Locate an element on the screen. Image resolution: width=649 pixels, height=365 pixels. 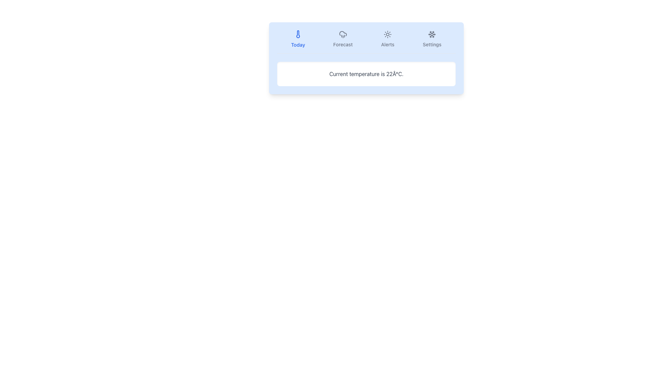
displayed text 'Current temperature is 22°C.' from the static text element located in the rounded blue box below the navigation menu is located at coordinates (366, 74).